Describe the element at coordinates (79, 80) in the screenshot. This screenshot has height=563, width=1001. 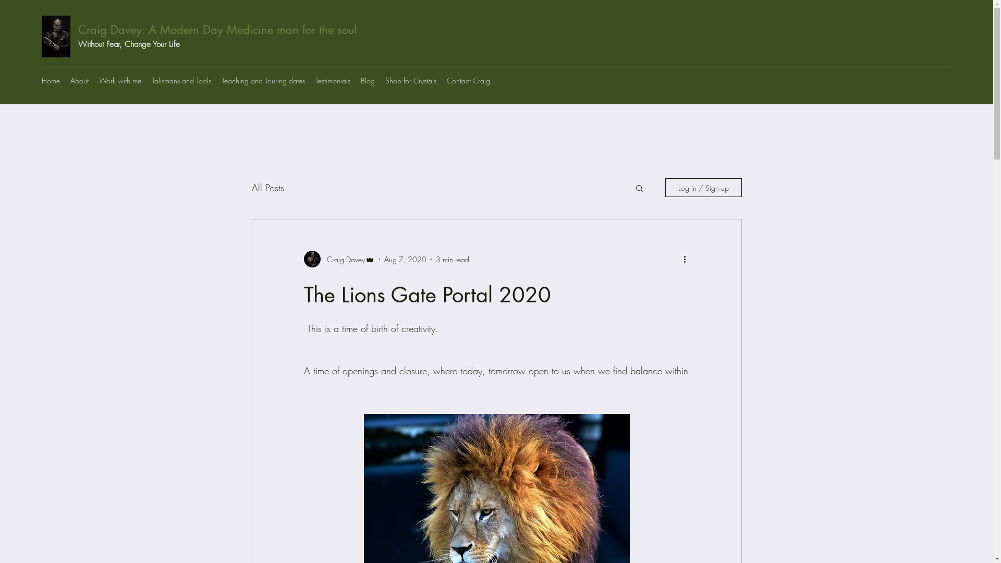
I see `'About'` at that location.